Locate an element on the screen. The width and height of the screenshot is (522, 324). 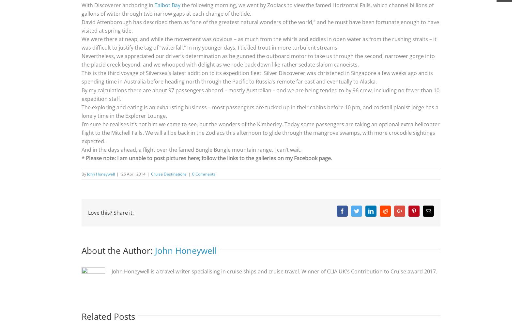
'By my calculations there are about 97 passengers aboard – mostly Australian – and we are being tended to by 96 crew, including no fewer than 10 expedition staff.' is located at coordinates (260, 94).